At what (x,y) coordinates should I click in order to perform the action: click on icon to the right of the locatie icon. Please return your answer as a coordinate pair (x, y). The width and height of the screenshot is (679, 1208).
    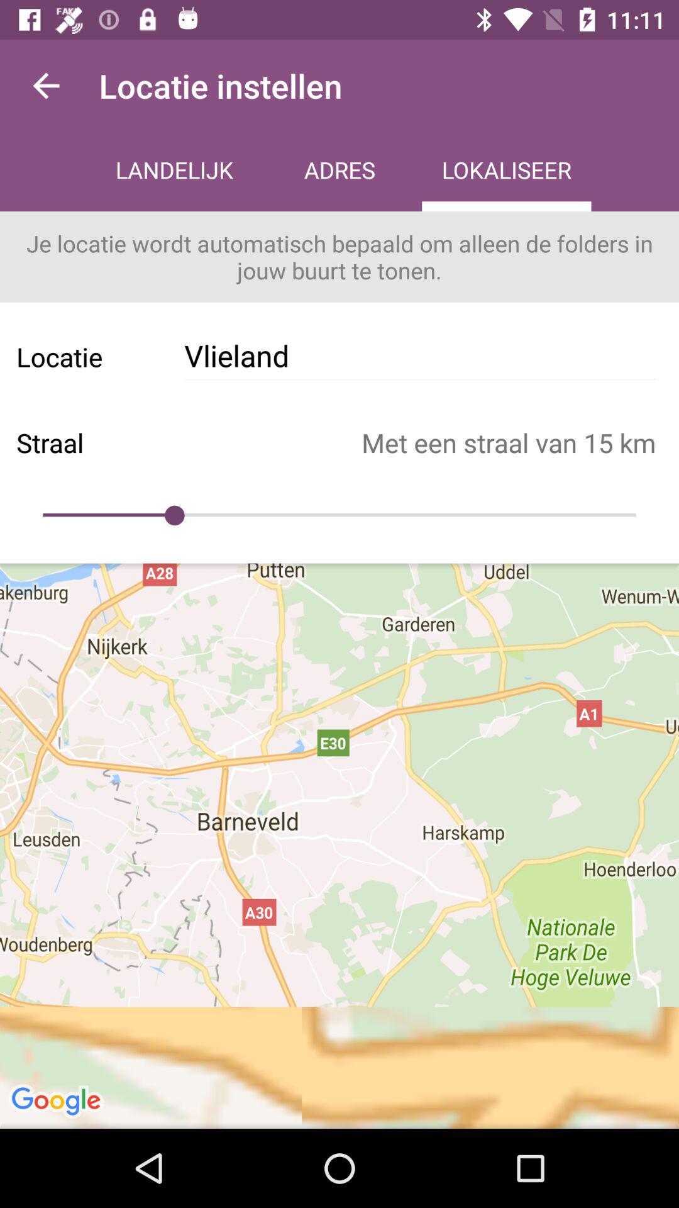
    Looking at the image, I should click on (420, 355).